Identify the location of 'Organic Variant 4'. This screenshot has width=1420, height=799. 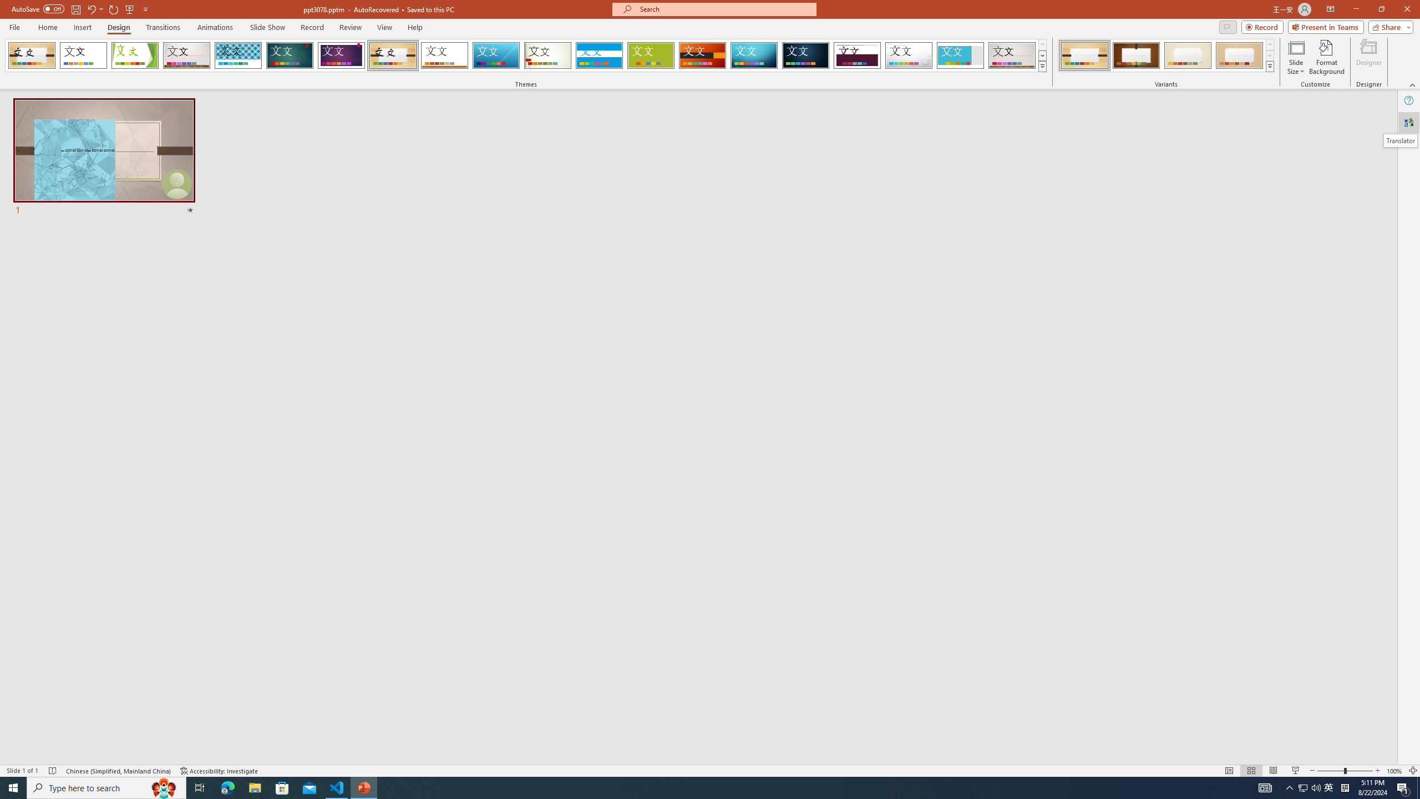
(1239, 55).